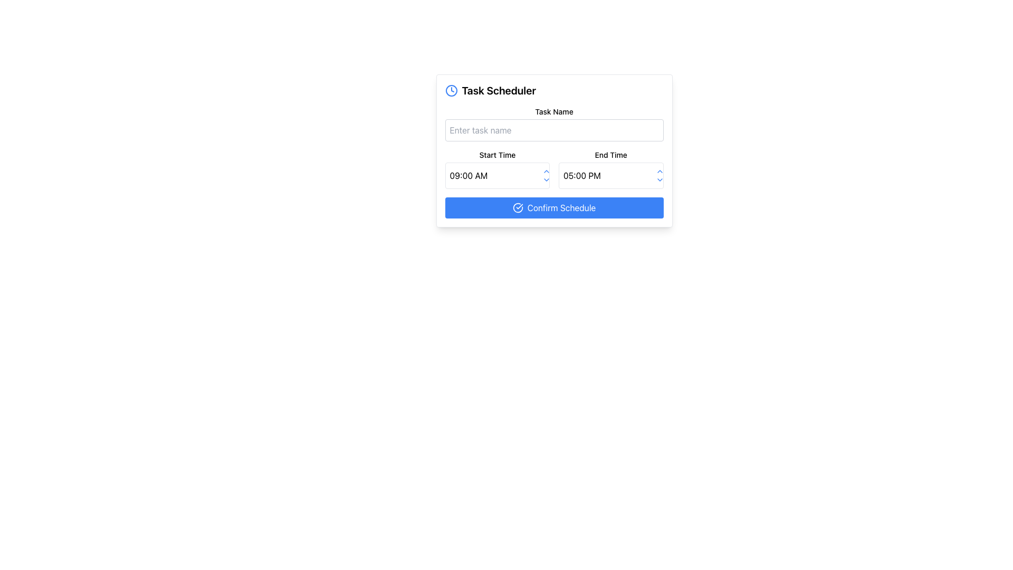 Image resolution: width=1013 pixels, height=570 pixels. Describe the element at coordinates (553, 112) in the screenshot. I see `the 'Task Name' label element, which is styled with a medium-sized bold font and is located above the input field in the 'Task Scheduler' layout` at that location.